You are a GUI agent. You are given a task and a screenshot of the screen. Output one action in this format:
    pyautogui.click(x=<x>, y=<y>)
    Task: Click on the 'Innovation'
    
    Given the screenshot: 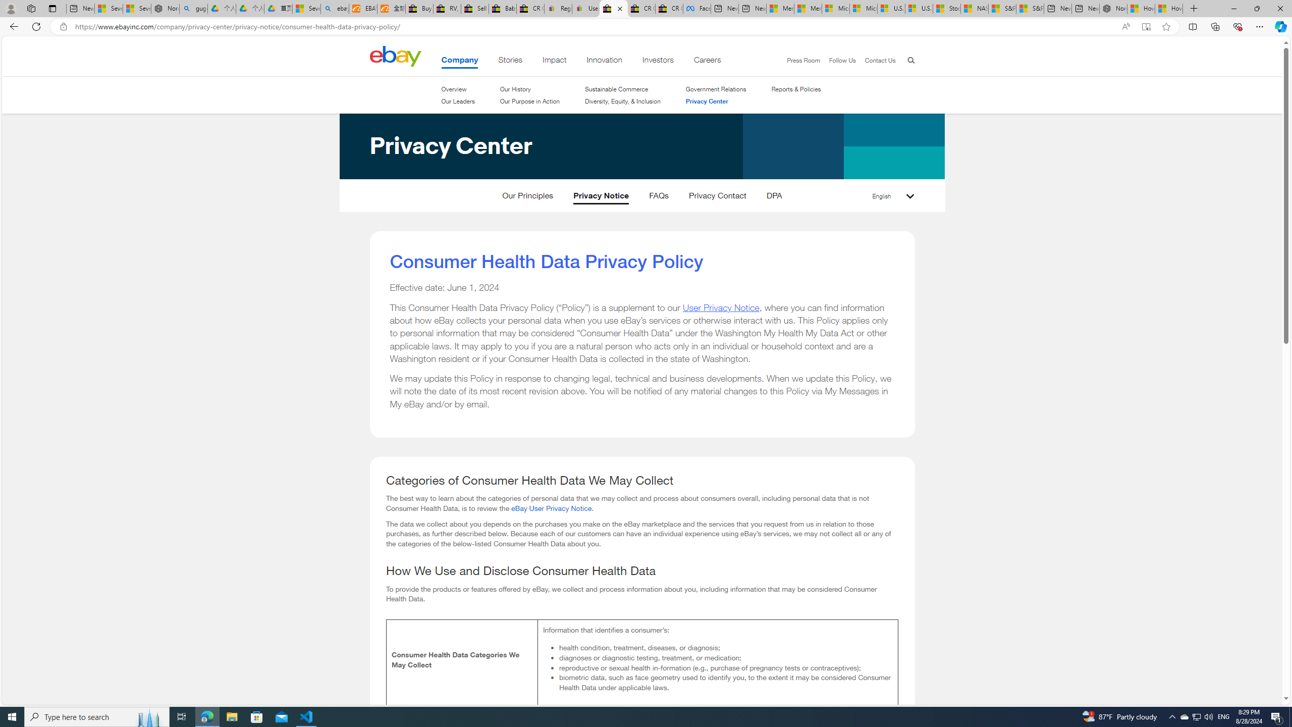 What is the action you would take?
    pyautogui.click(x=605, y=62)
    